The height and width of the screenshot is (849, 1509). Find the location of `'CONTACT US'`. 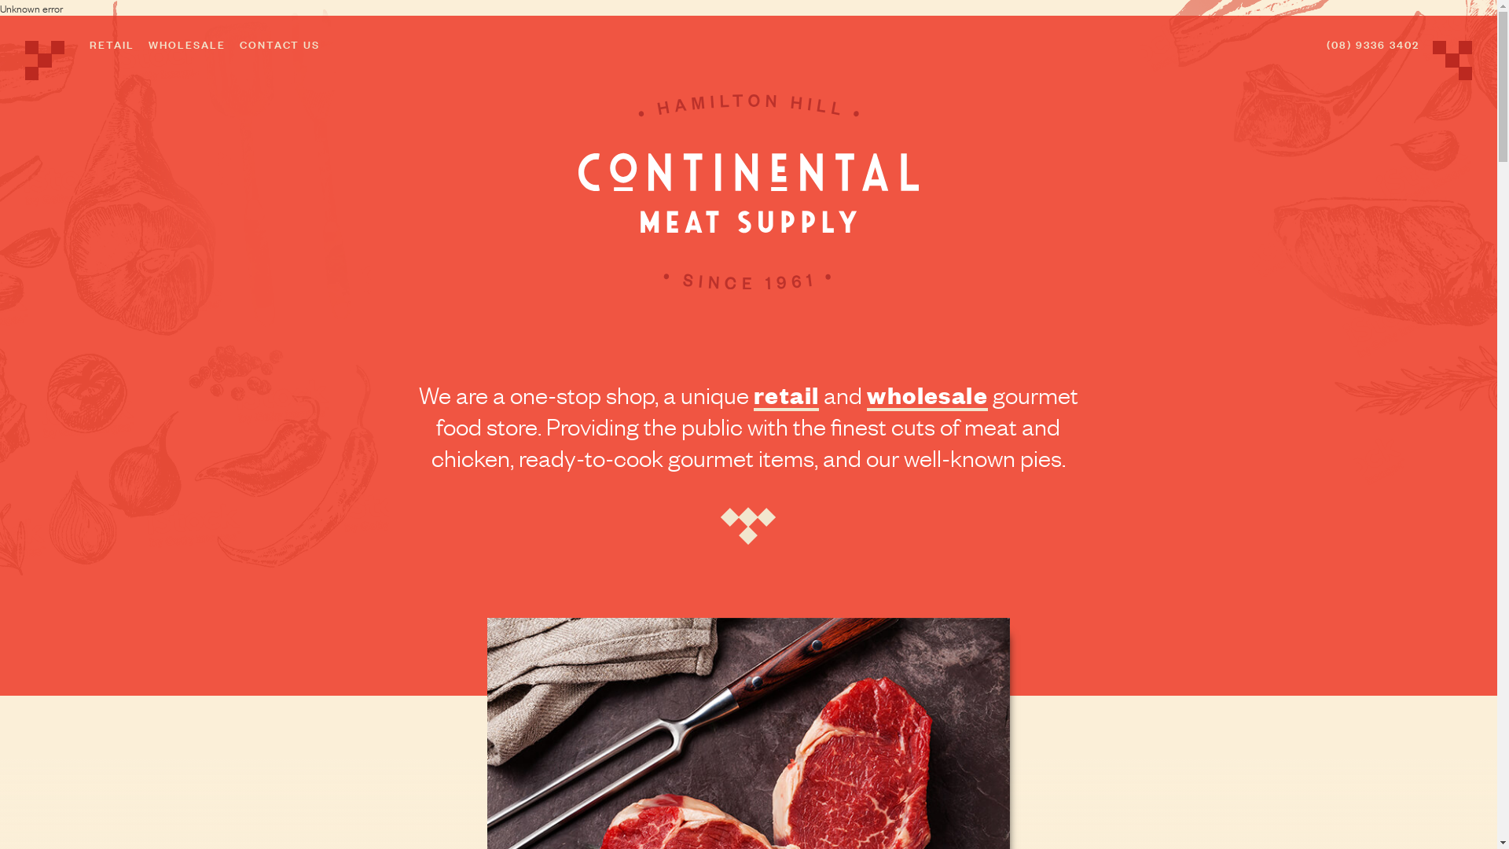

'CONTACT US' is located at coordinates (279, 42).